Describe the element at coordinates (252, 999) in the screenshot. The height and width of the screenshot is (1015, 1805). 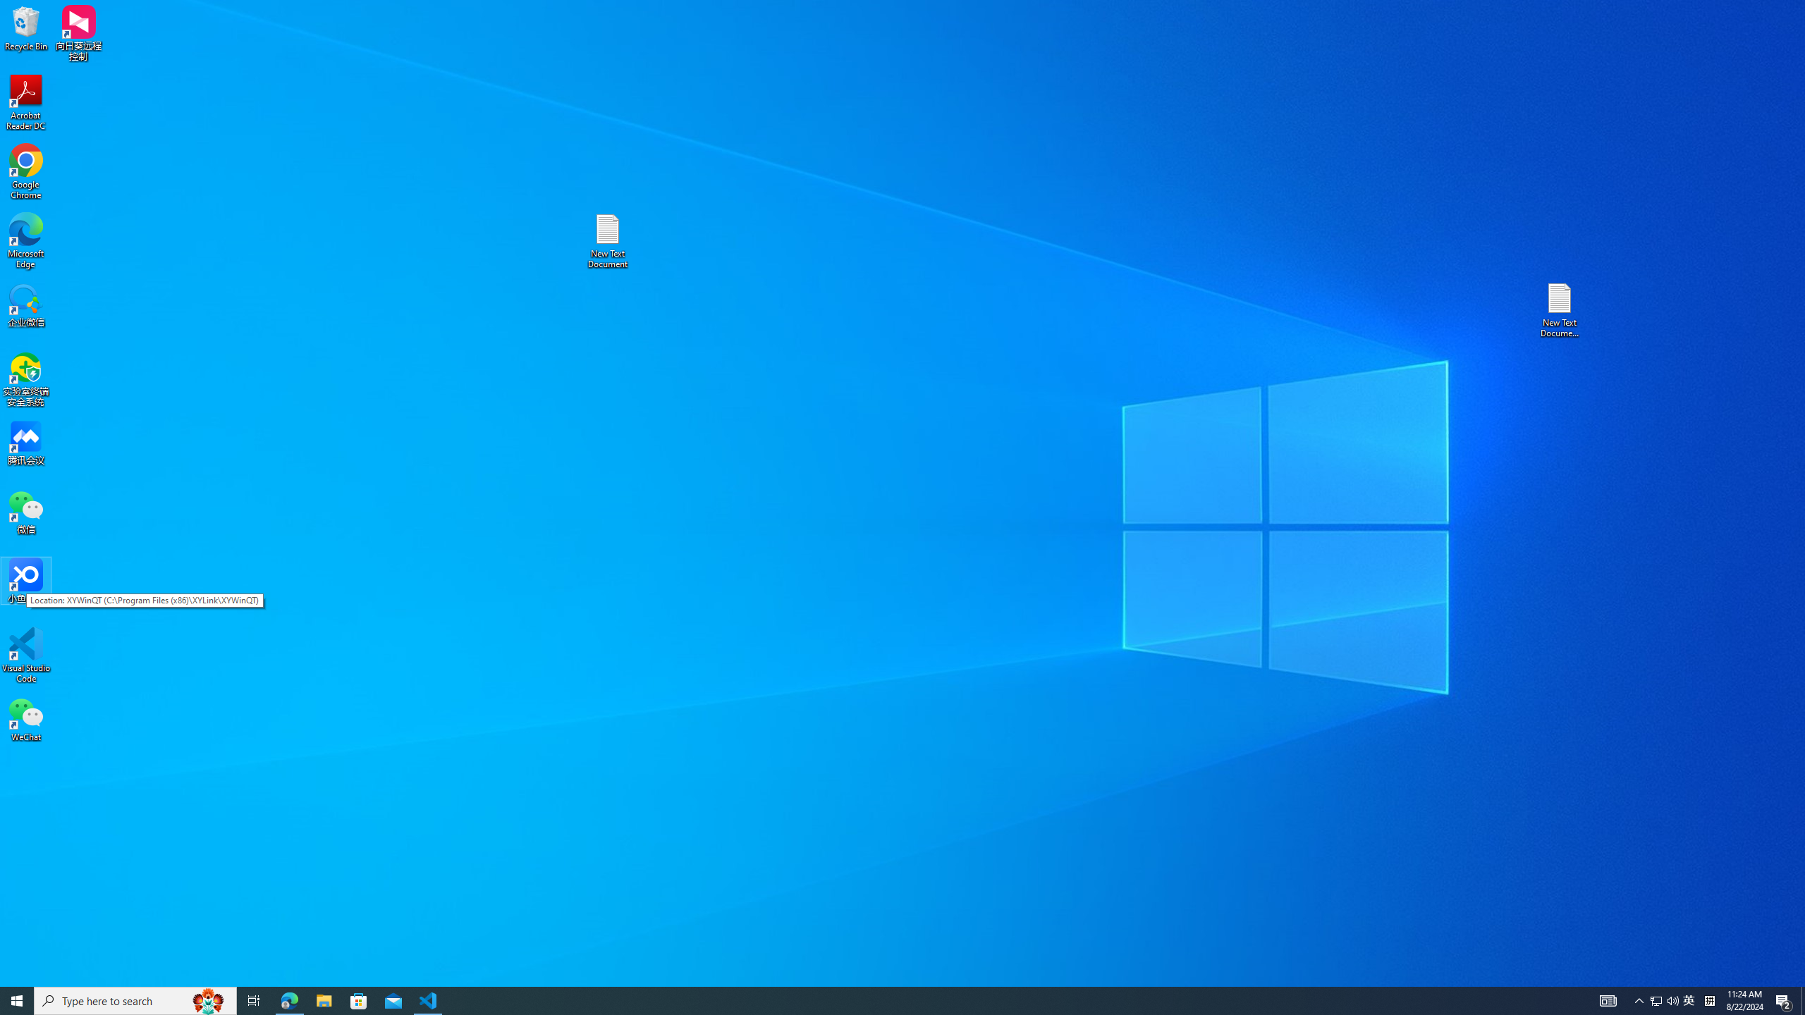
I see `'Task View'` at that location.